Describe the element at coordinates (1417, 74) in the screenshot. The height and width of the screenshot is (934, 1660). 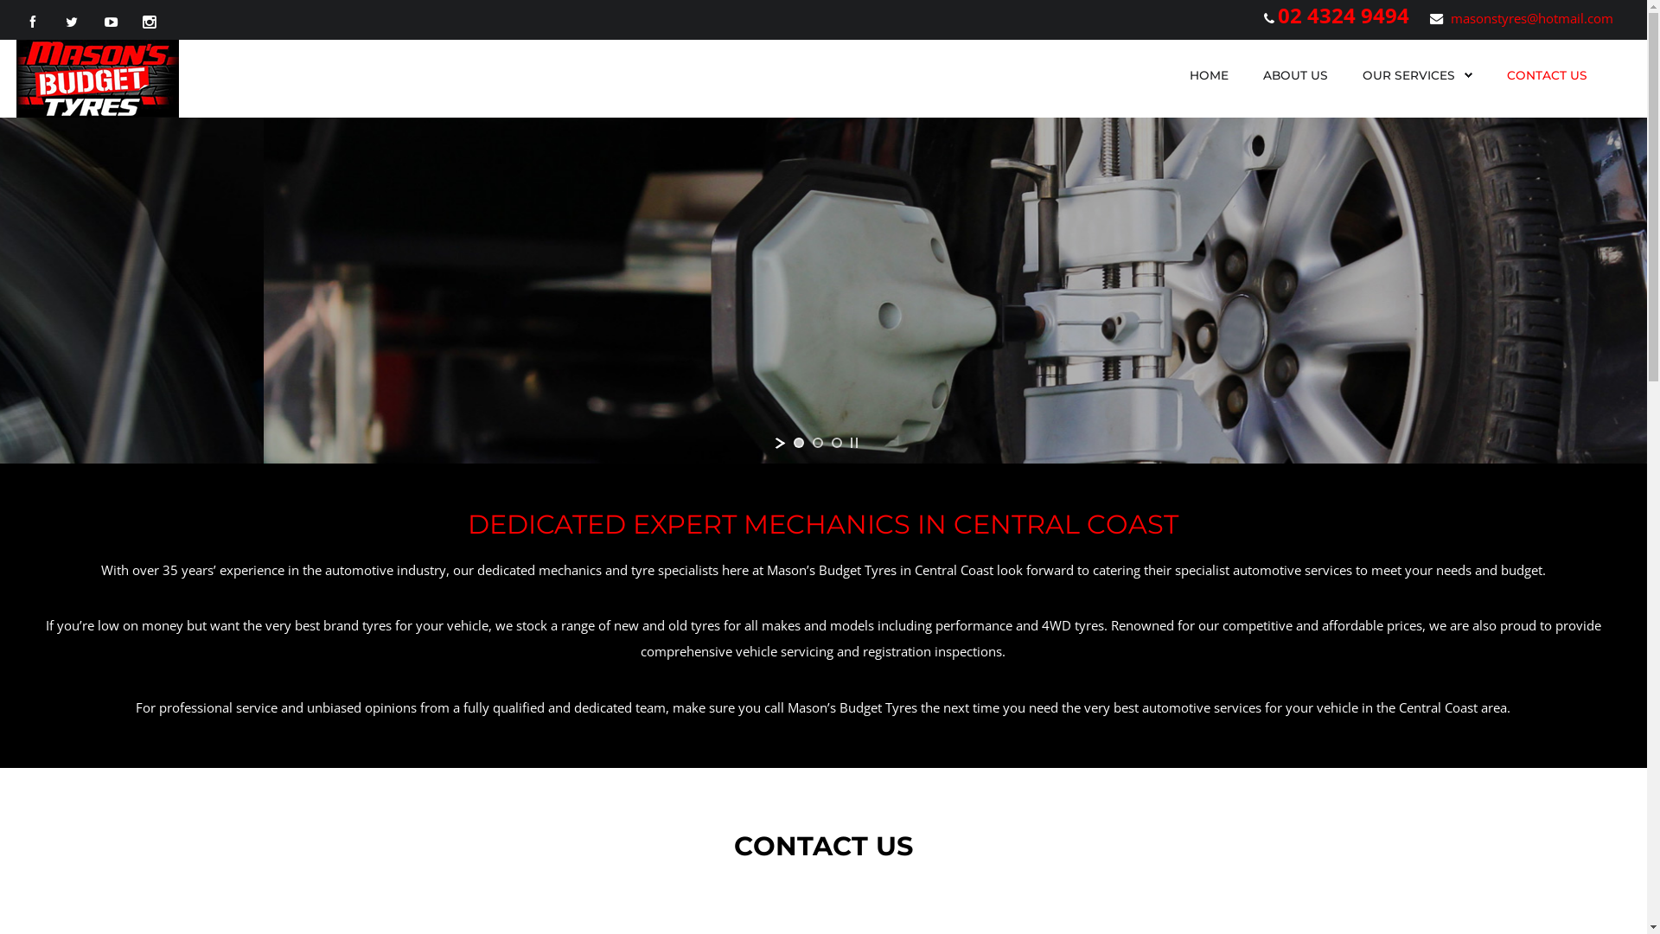
I see `'OUR SERVICES'` at that location.